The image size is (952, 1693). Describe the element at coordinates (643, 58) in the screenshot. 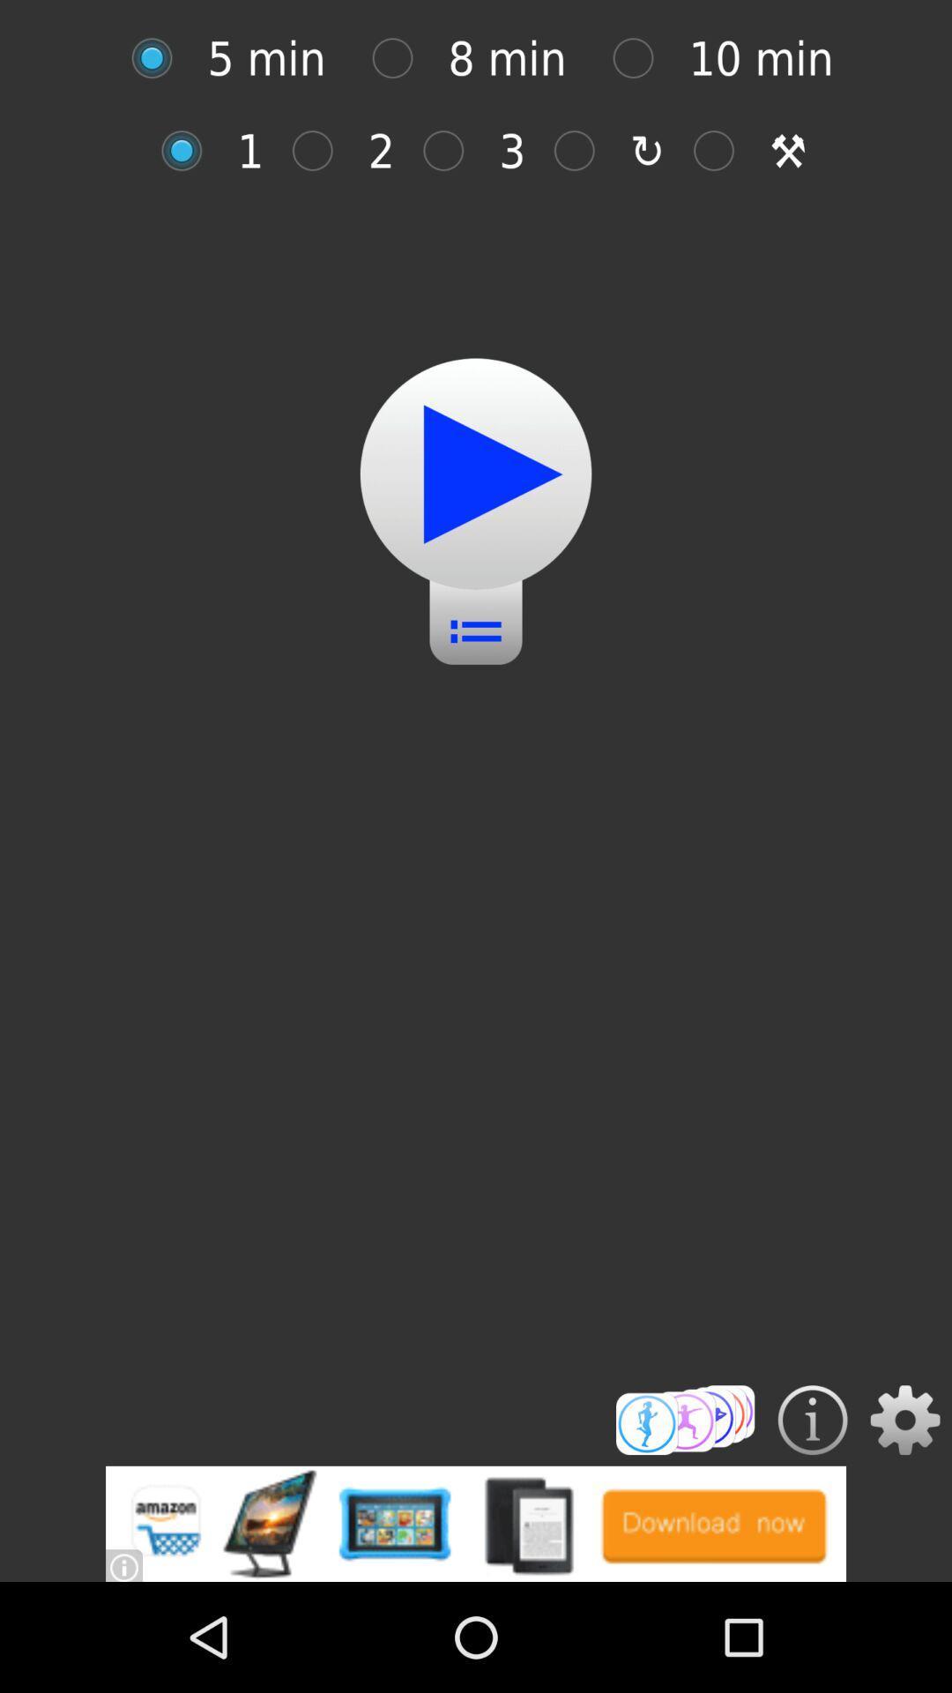

I see `option` at that location.